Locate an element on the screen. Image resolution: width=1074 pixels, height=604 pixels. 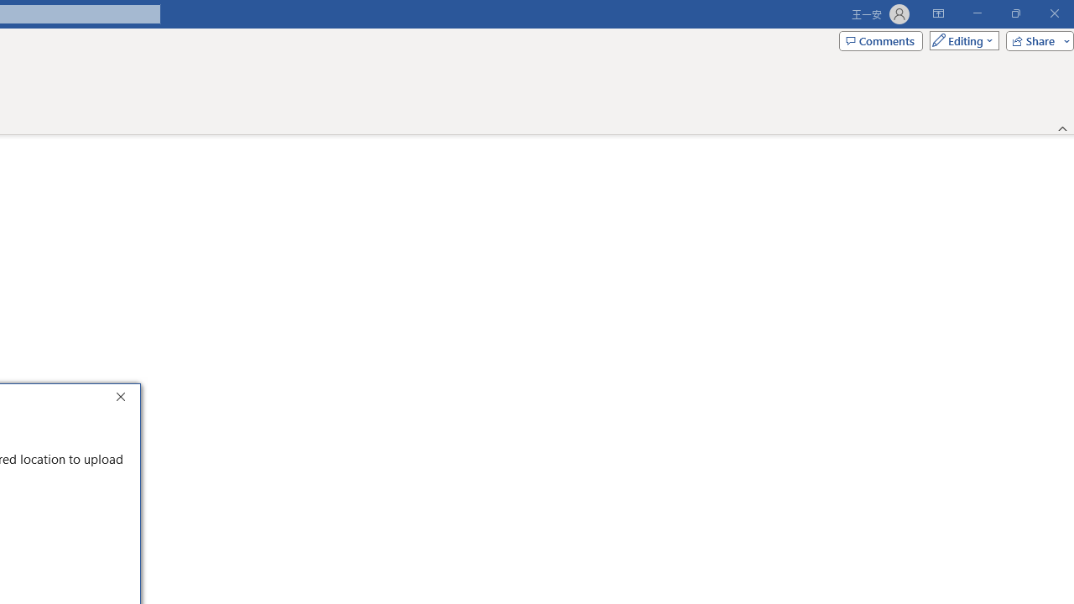
'Restore Down' is located at coordinates (1014, 13).